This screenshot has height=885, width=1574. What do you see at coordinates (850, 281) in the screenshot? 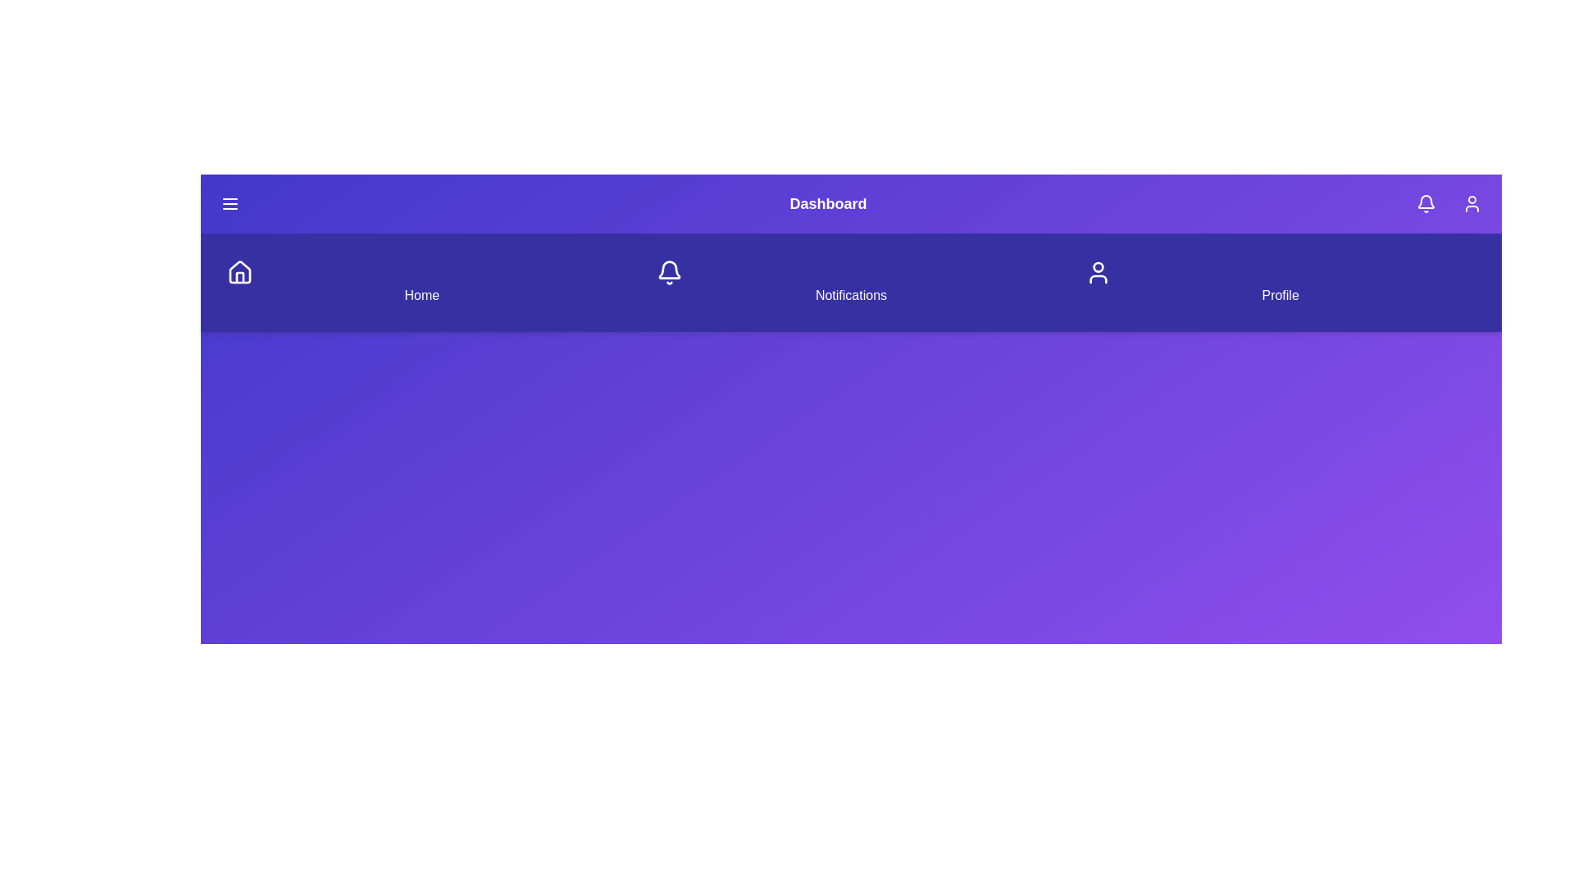
I see `the Notifications navigation item` at bounding box center [850, 281].